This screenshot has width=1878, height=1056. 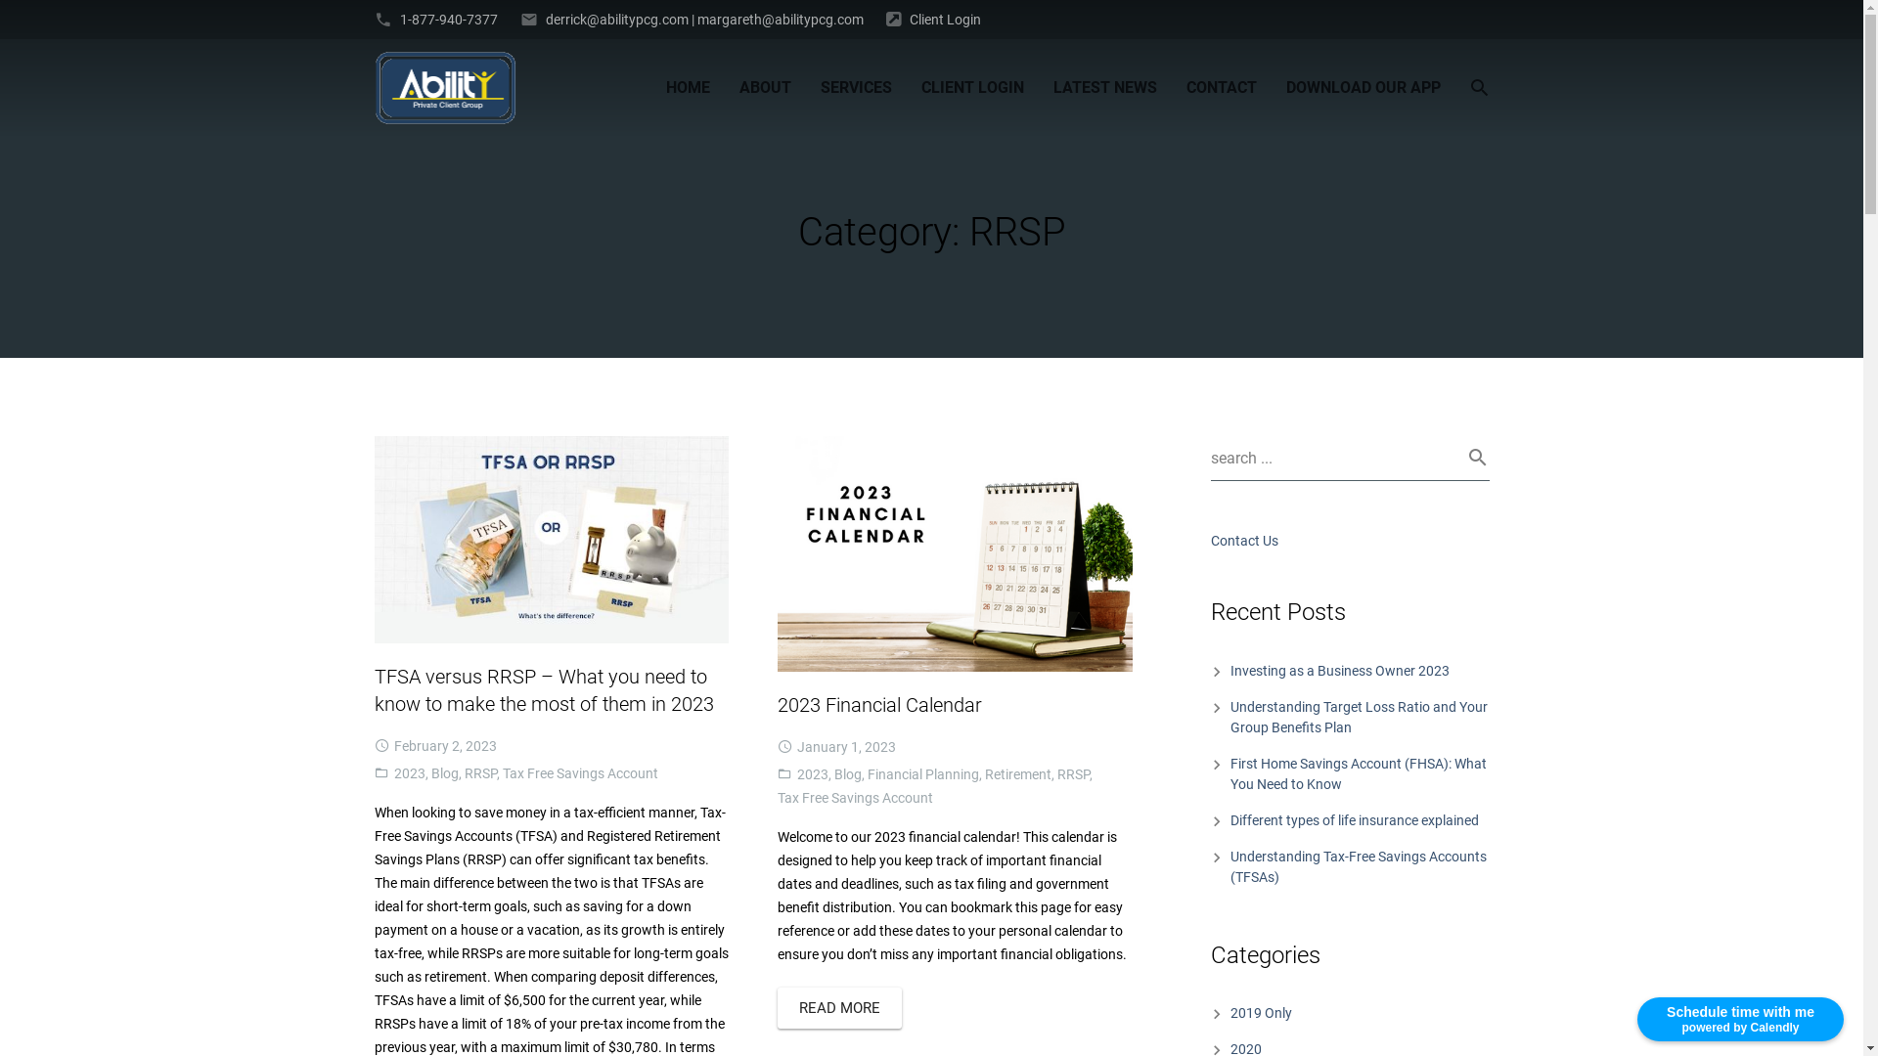 I want to click on 'Financial Planning', so click(x=922, y=772).